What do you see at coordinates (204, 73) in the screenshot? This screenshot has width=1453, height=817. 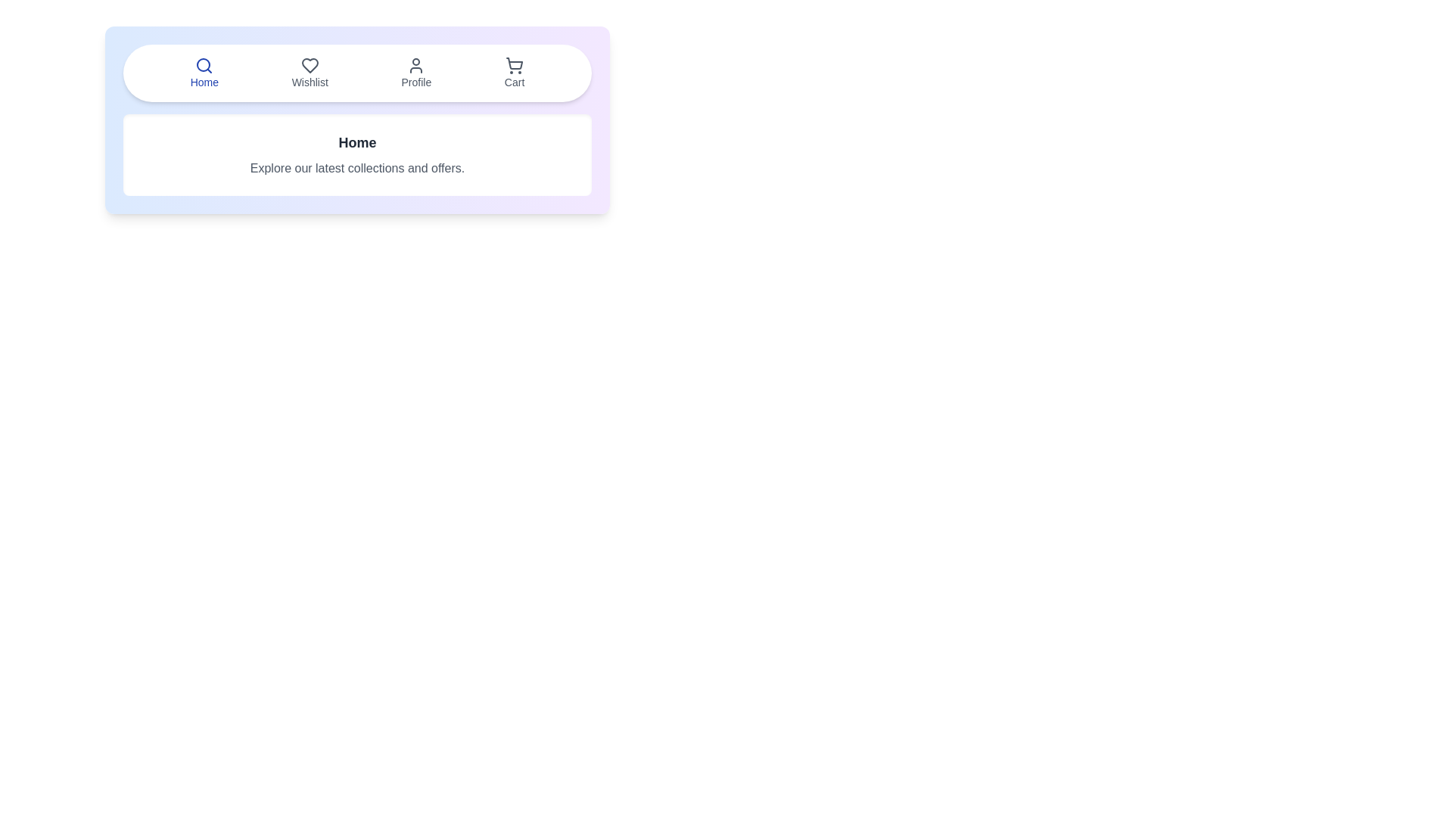 I see `the tab labeled Home to switch to that tab` at bounding box center [204, 73].